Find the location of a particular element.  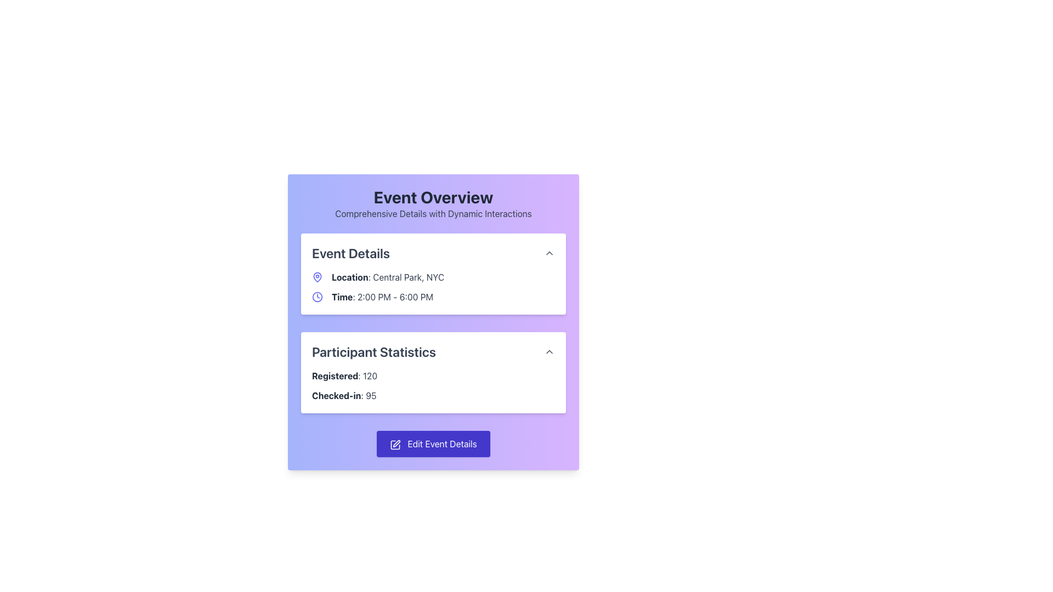

displayed information about the location of the event, 'Central Park, NYC', which is located in the 'Event Details' section beneath the title 'Event Details' is located at coordinates (388, 276).